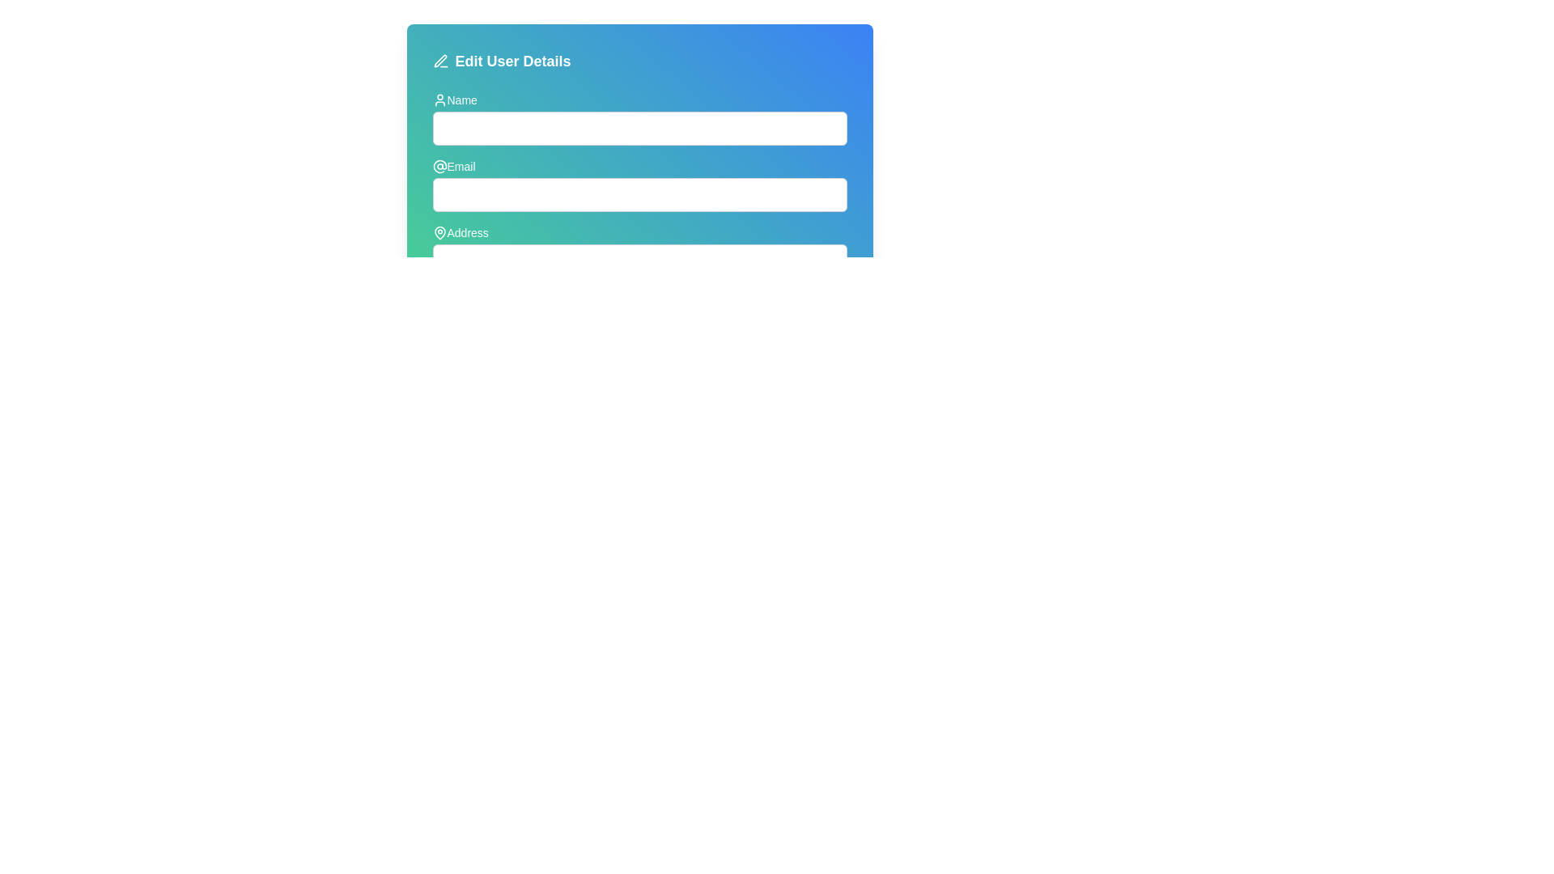 The image size is (1554, 874). What do you see at coordinates (439, 166) in the screenshot?
I see `the '@' symbol icon located in the second row of the form, adjacent to the 'Email' label` at bounding box center [439, 166].